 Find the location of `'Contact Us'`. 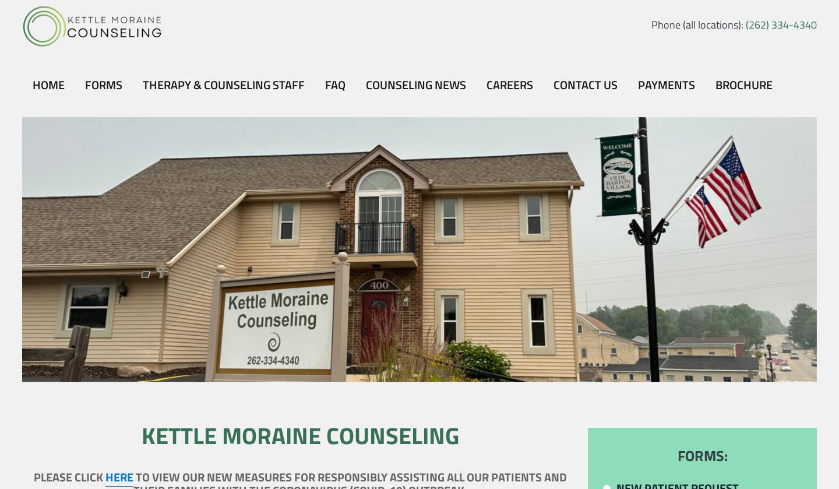

'Contact Us' is located at coordinates (584, 85).